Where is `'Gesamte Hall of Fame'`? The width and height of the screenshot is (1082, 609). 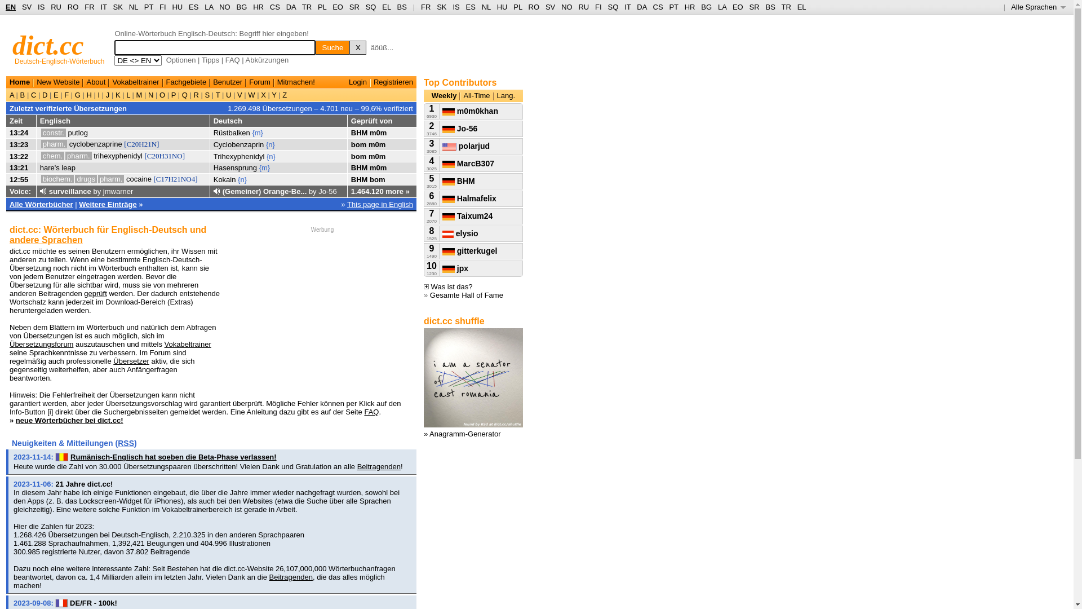
'Gesamte Hall of Fame' is located at coordinates (467, 294).